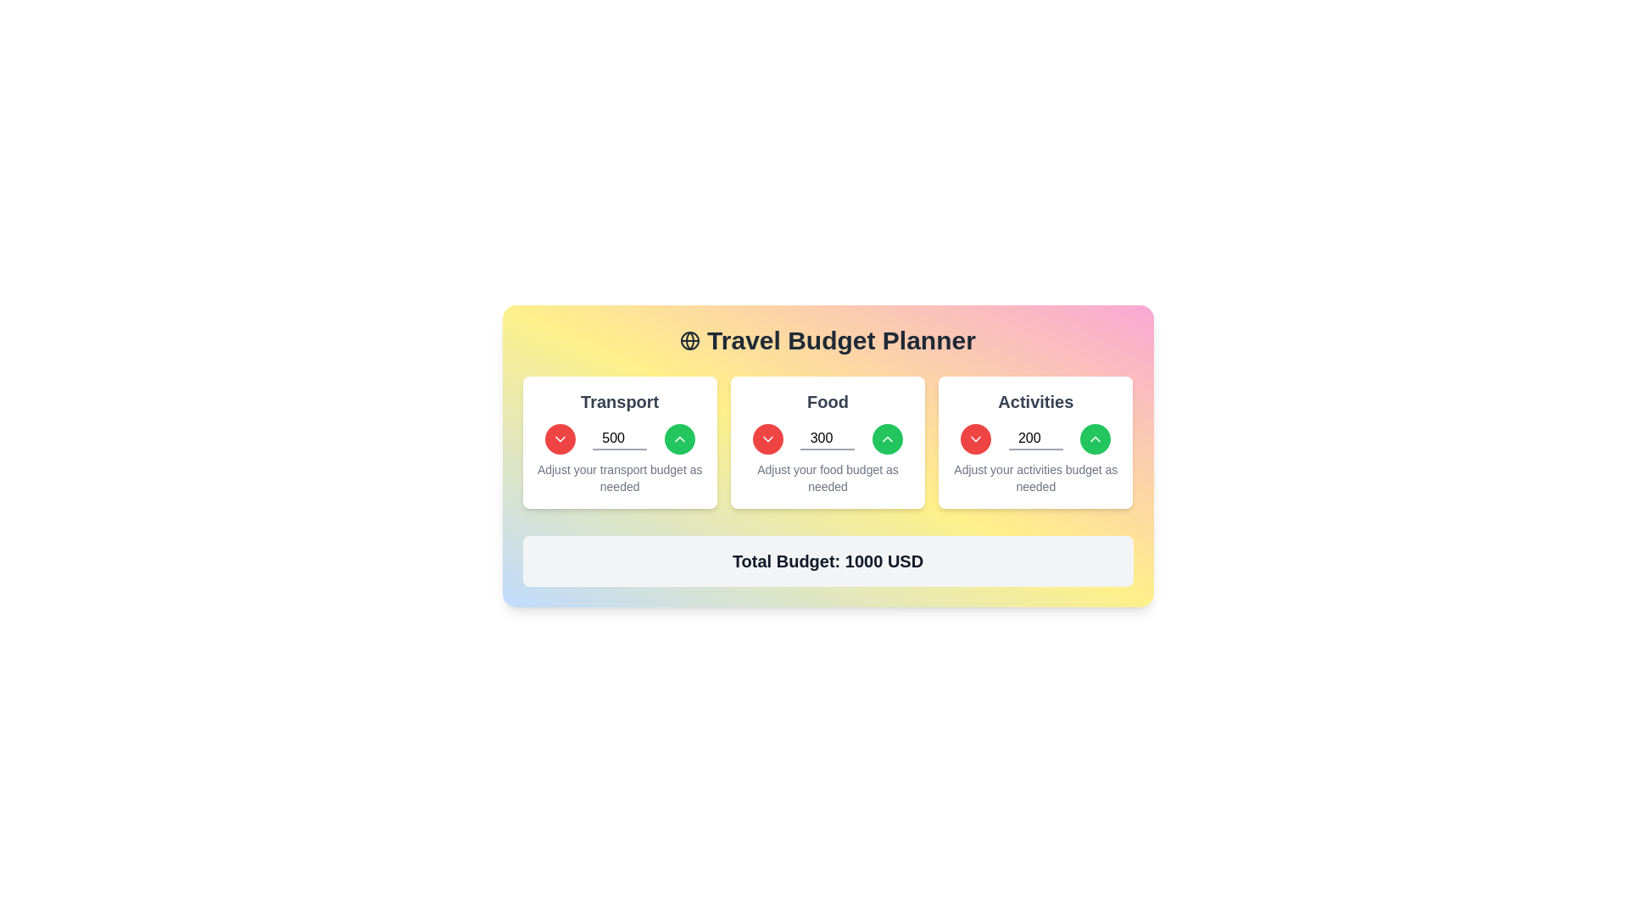 The image size is (1628, 916). I want to click on the static instructional text located below the number input field in the 'Food' card, so click(828, 478).